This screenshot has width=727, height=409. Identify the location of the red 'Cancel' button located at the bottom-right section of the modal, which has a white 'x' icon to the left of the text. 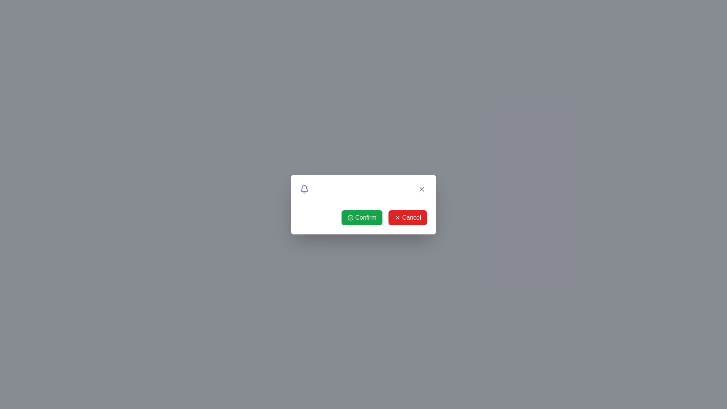
(407, 217).